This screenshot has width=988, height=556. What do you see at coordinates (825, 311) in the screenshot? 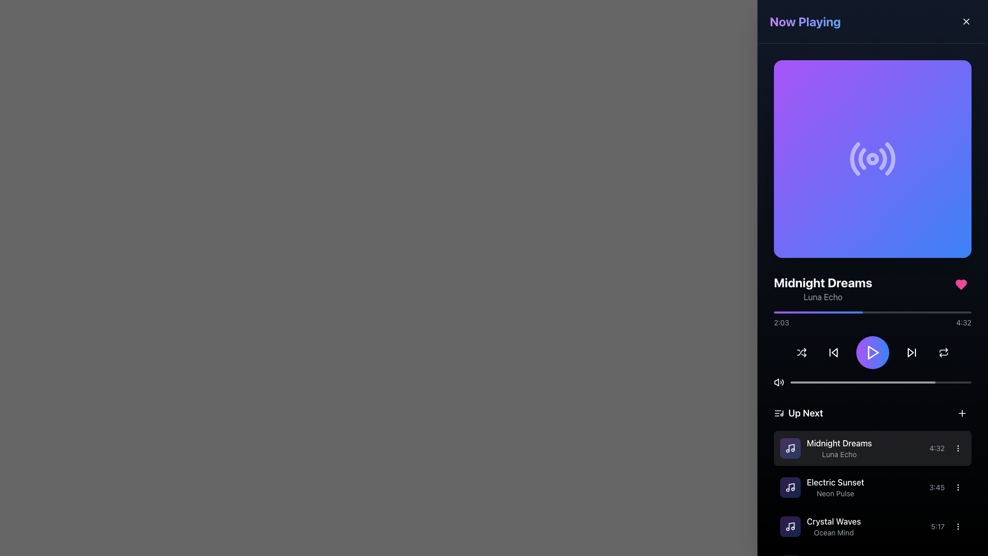
I see `the progress bar` at bounding box center [825, 311].